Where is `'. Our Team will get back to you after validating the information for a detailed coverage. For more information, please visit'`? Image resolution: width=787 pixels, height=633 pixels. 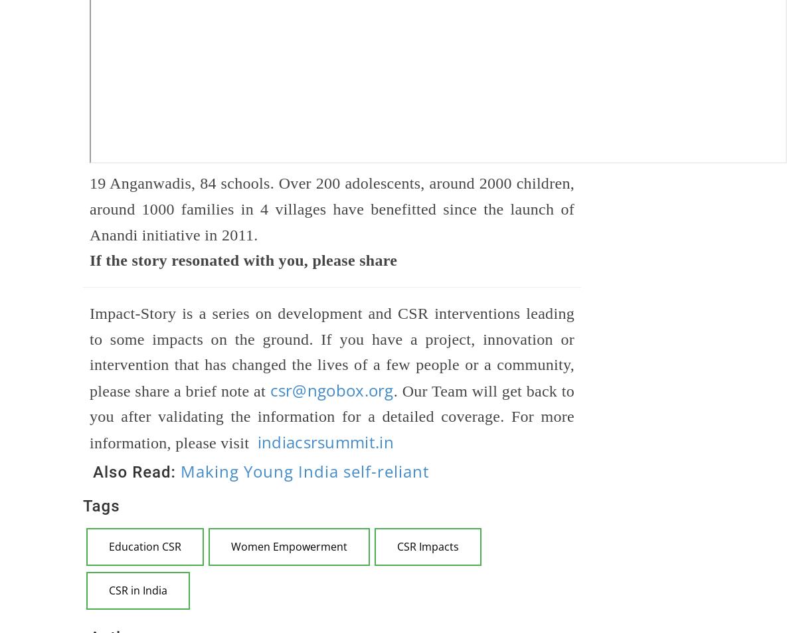 '. Our Team will get back to you after validating the information for a detailed coverage. For more information, please visit' is located at coordinates (331, 416).